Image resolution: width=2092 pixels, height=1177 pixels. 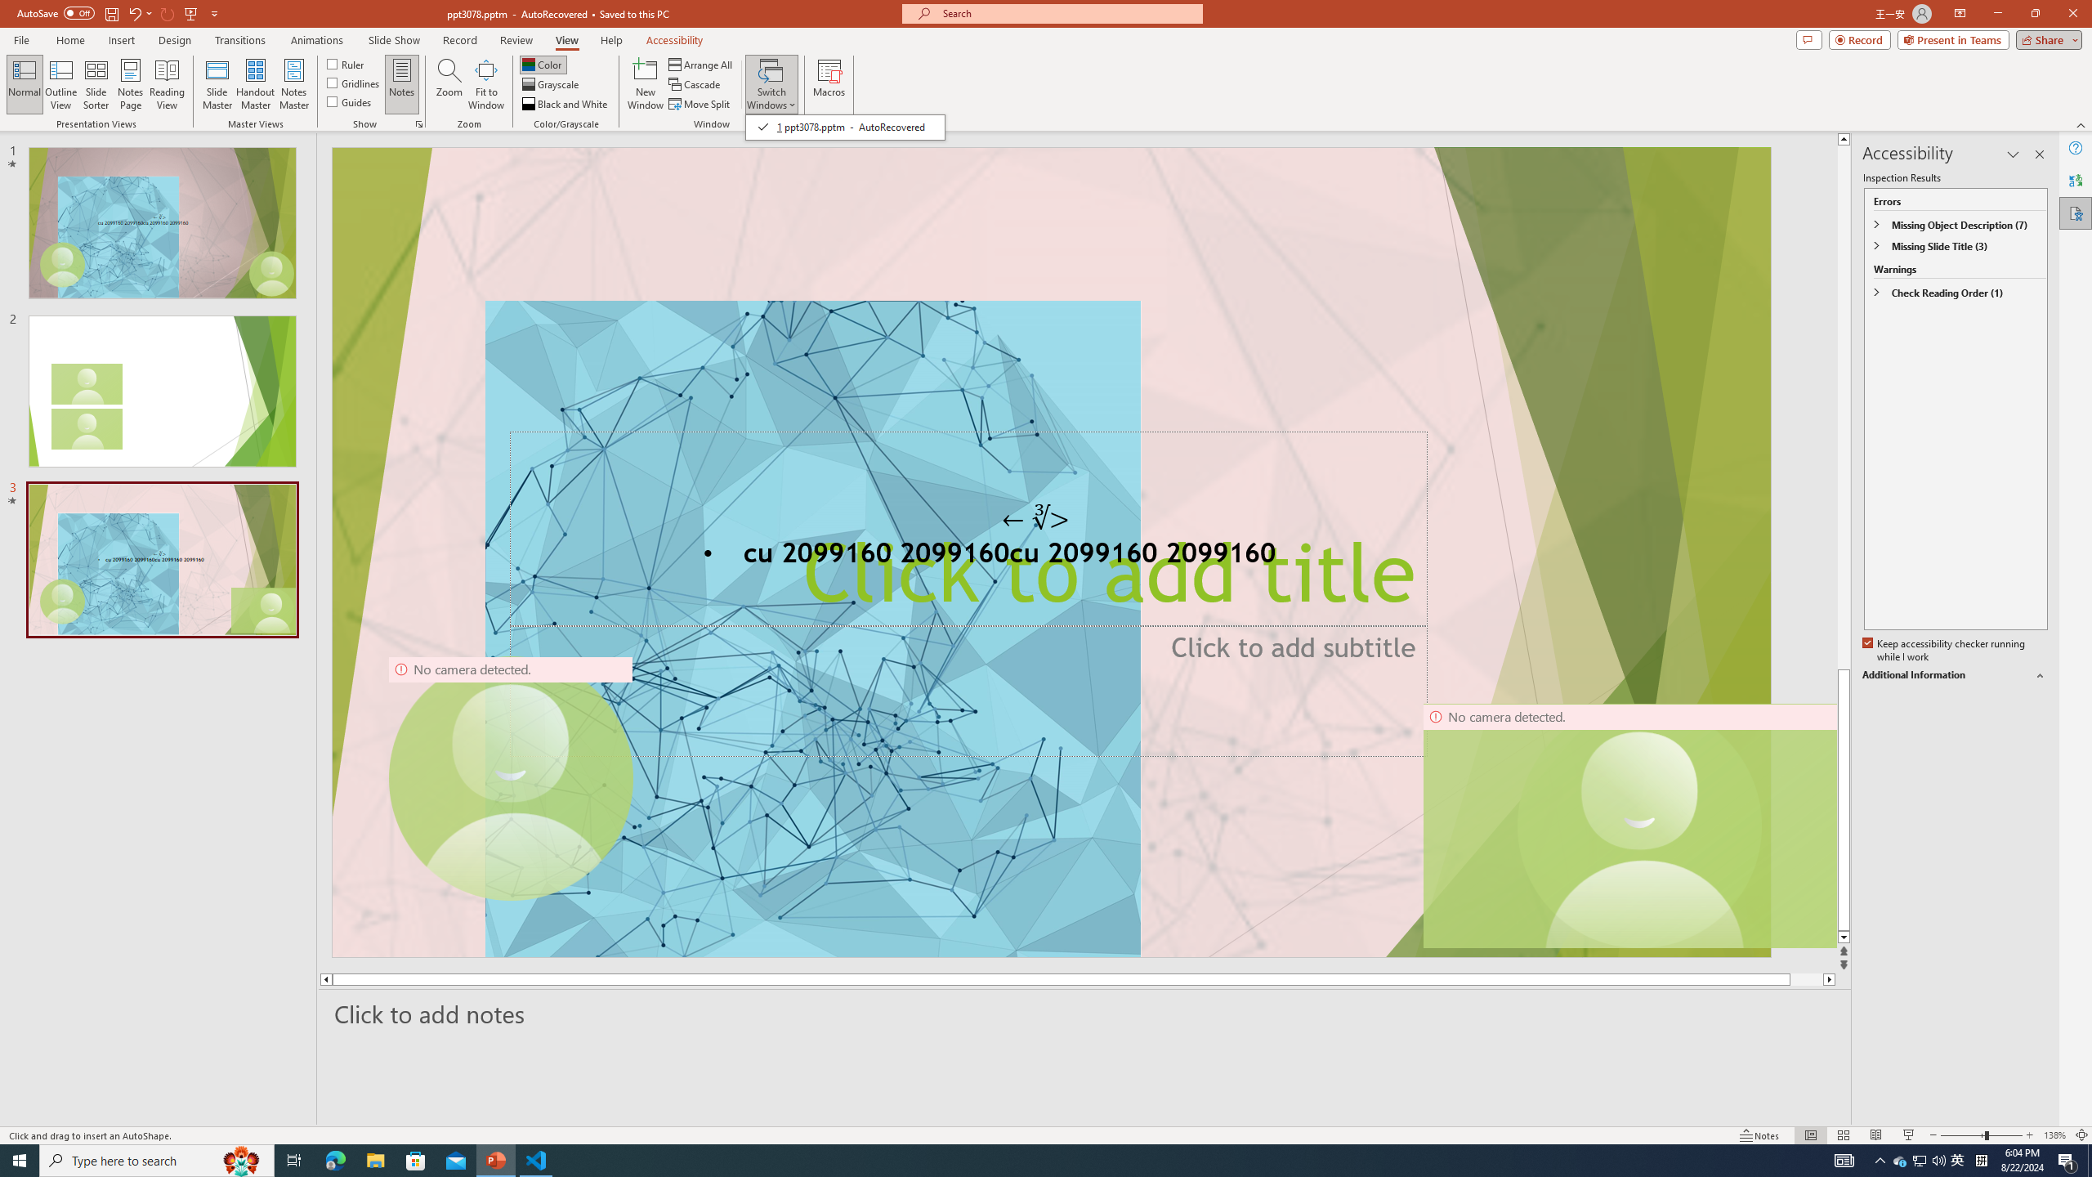 I want to click on 'Ruler', so click(x=346, y=63).